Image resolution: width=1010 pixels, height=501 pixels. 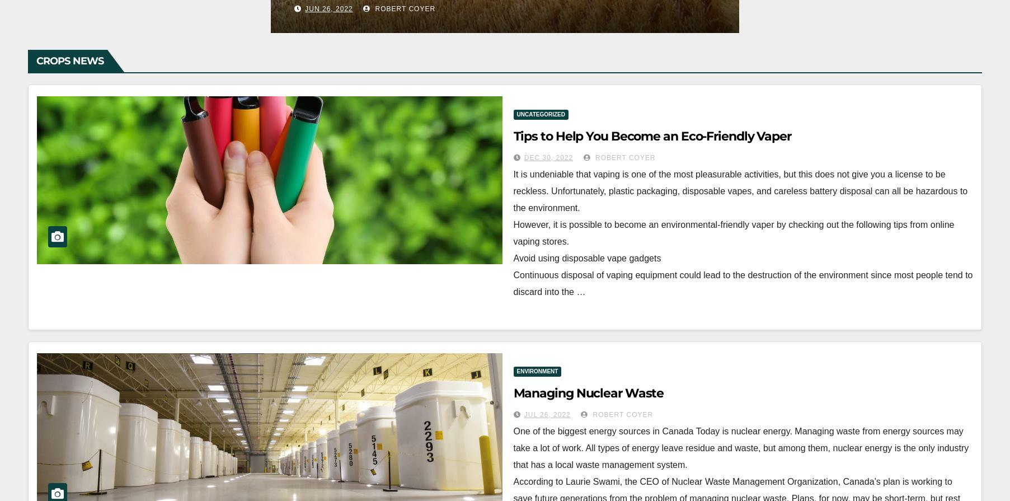 I want to click on 'It is undeniable that vaping is one of the most pleasurable activities, but this does not give you a license to be reckless. Unfortunately, plastic packaging, disposable vapes, and careless battery disposal can all be hazardous to the environment.', so click(x=740, y=190).